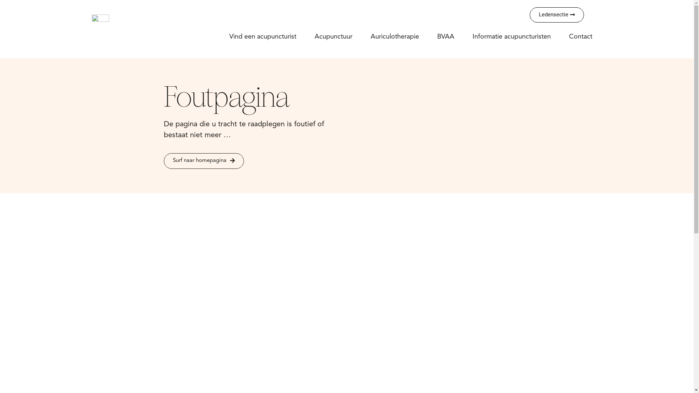 The image size is (699, 393). What do you see at coordinates (580, 36) in the screenshot?
I see `'Contact'` at bounding box center [580, 36].